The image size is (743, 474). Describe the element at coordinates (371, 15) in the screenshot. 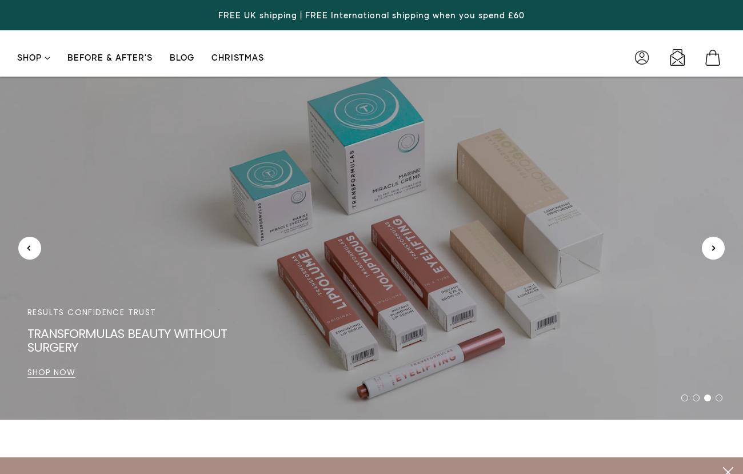

I see `'FREE UK shipping | FREE International shipping when you spend £60'` at that location.